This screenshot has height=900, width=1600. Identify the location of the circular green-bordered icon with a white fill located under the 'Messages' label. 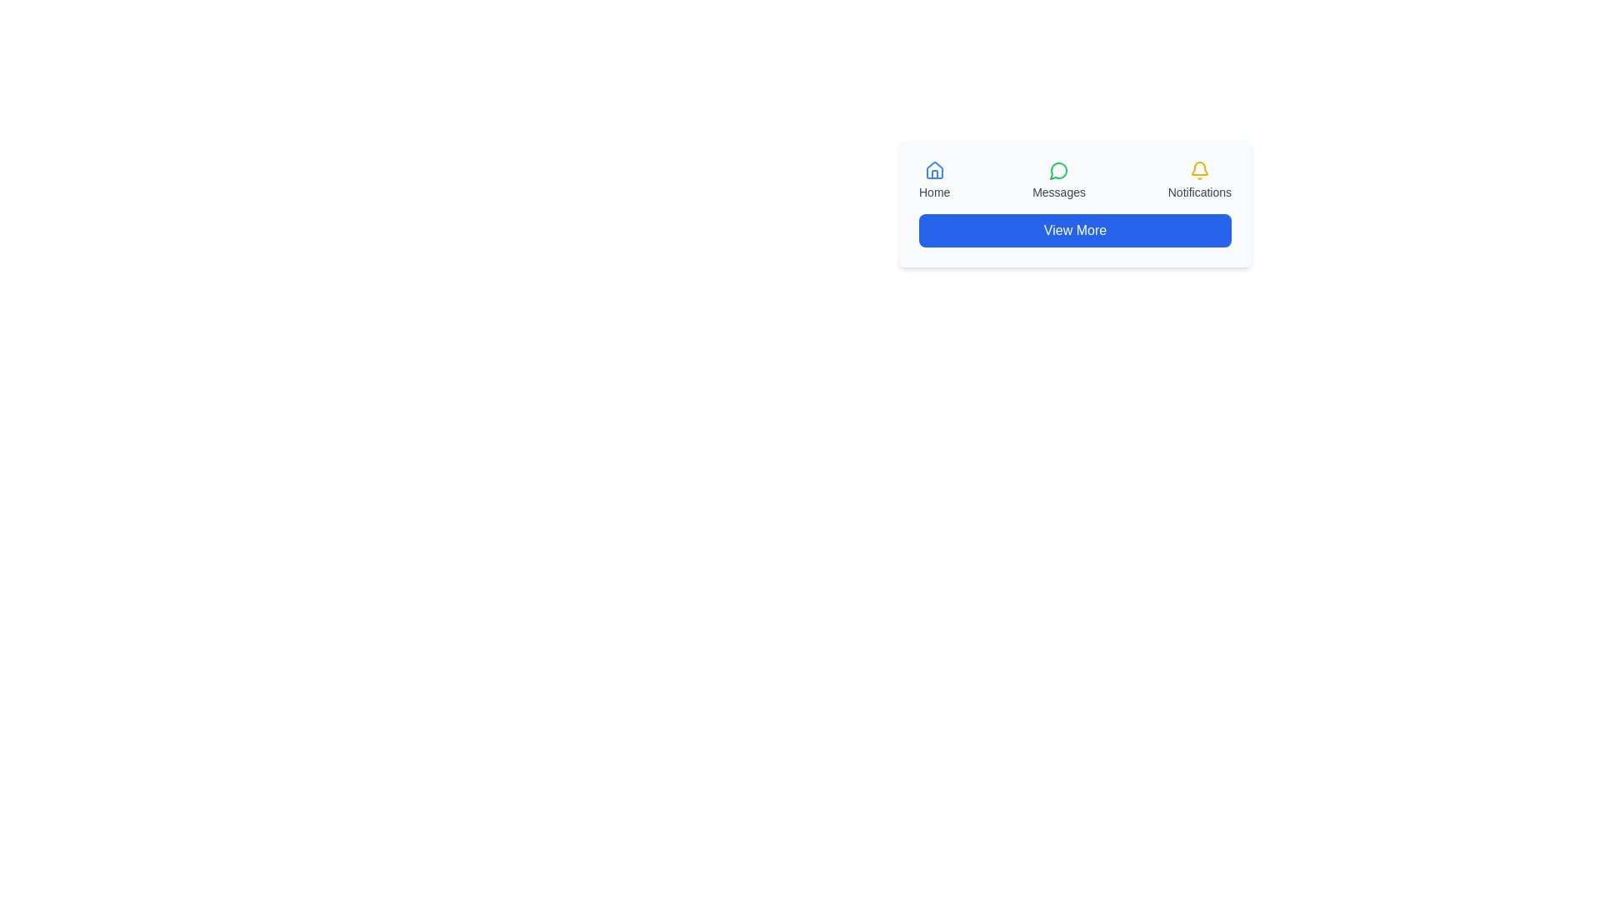
(1057, 171).